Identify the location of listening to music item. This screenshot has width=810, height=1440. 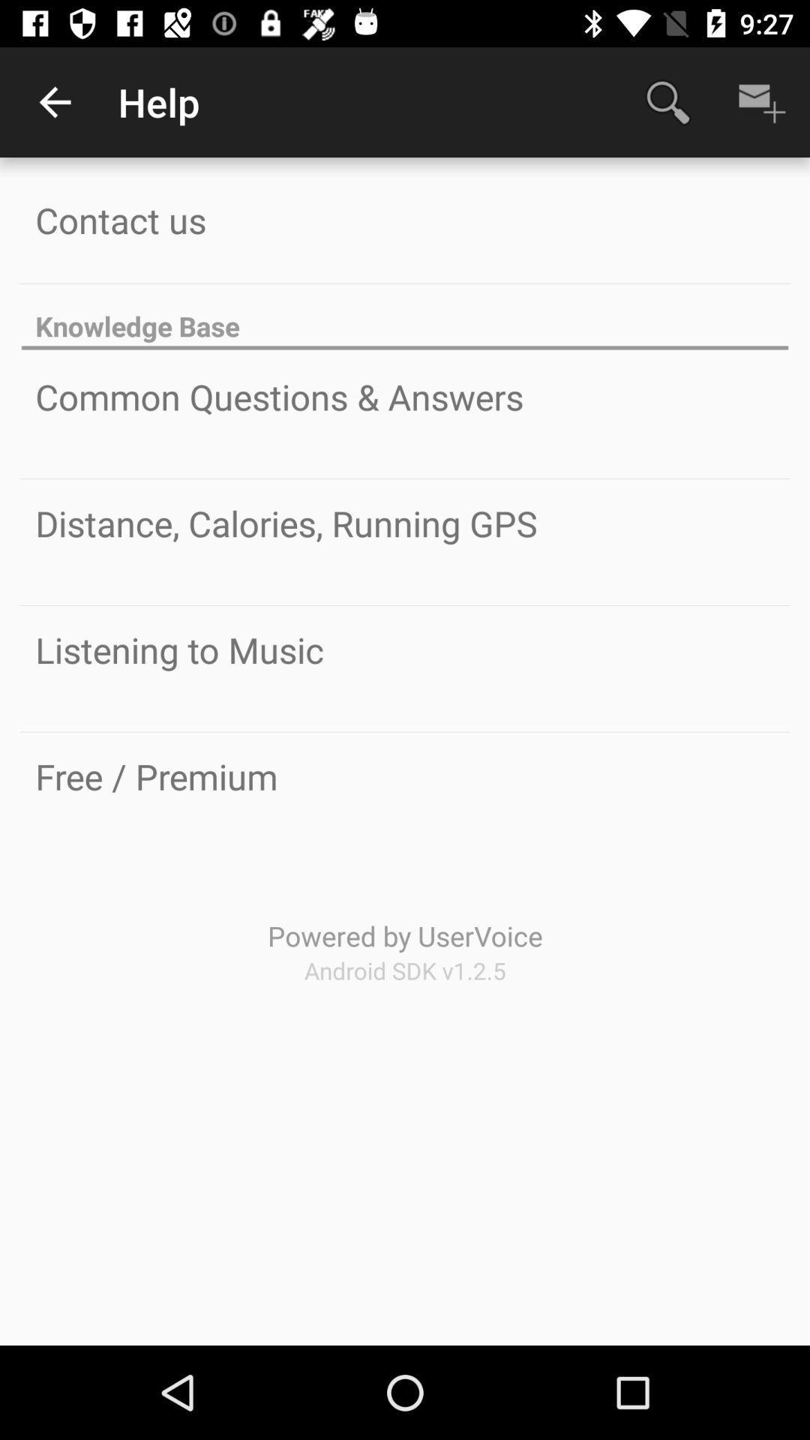
(178, 649).